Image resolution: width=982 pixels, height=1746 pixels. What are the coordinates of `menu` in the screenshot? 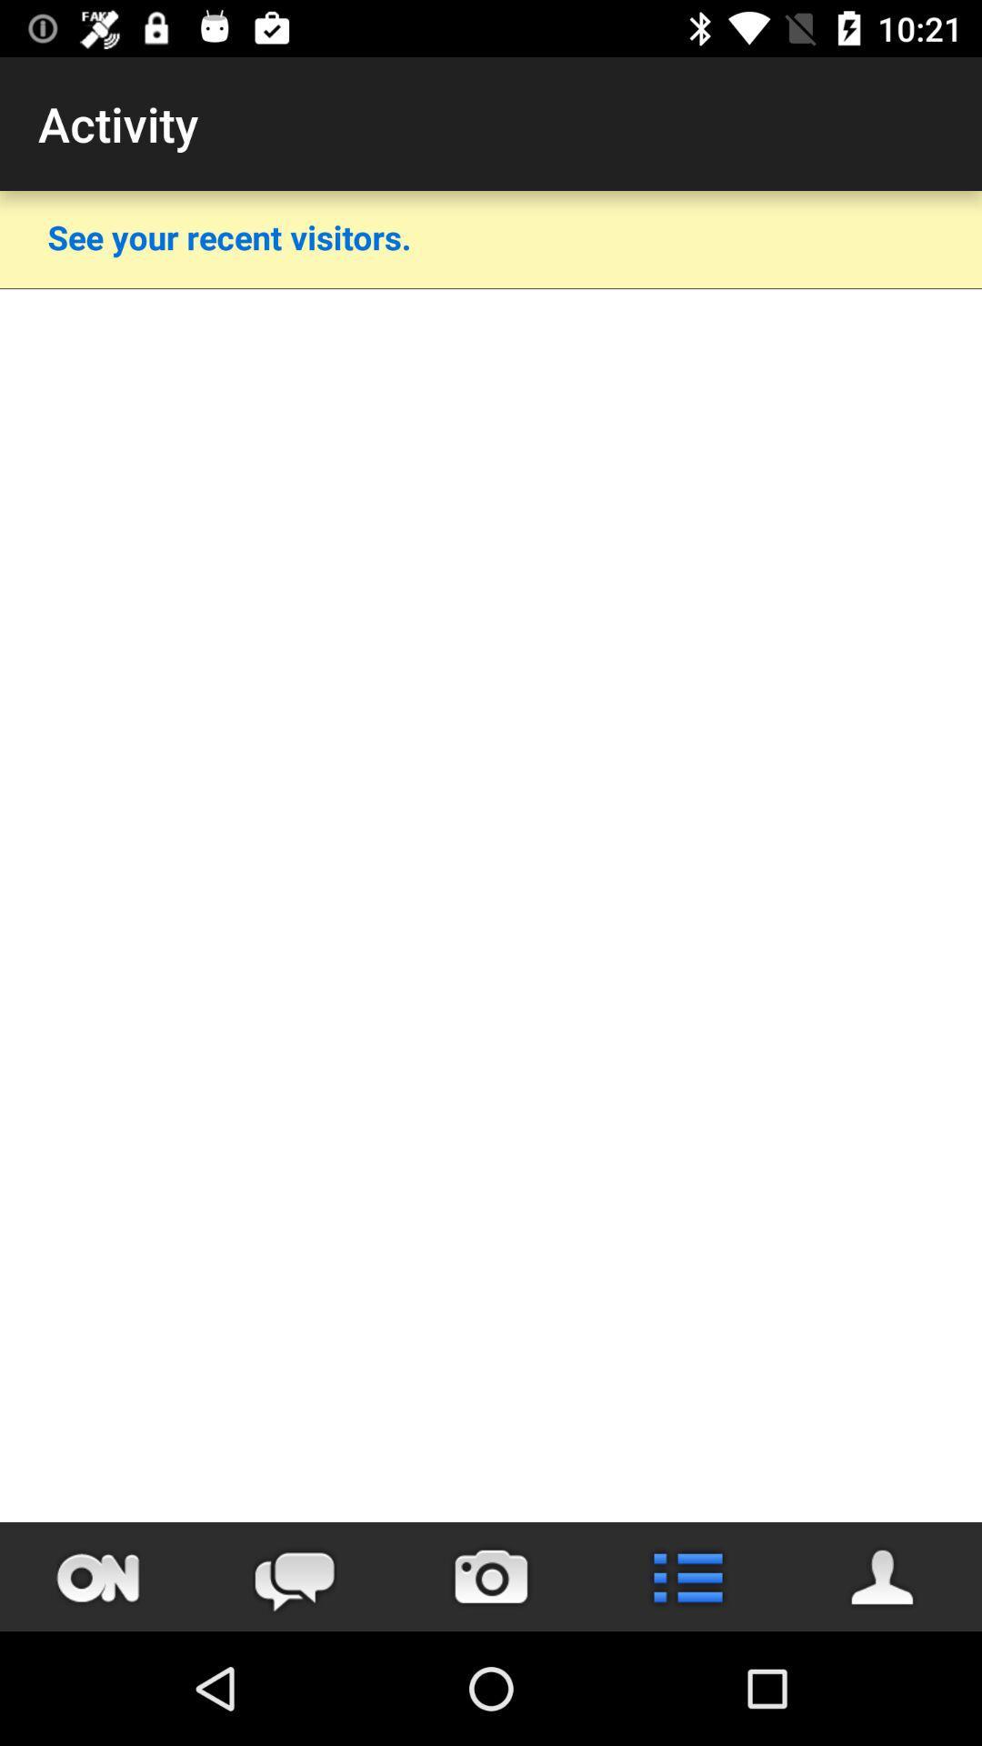 It's located at (687, 1576).